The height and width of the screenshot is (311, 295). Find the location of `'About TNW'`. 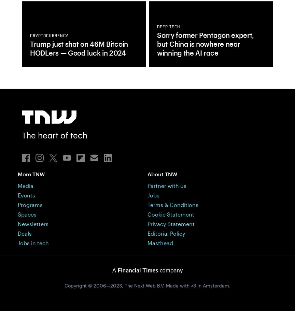

'About TNW' is located at coordinates (147, 173).